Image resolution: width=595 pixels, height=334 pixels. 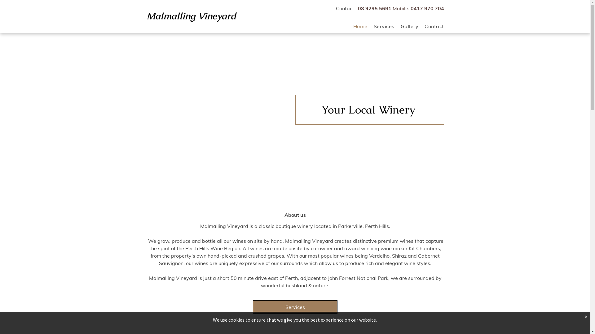 I want to click on 'Malmalling Vineyard', so click(x=191, y=15).